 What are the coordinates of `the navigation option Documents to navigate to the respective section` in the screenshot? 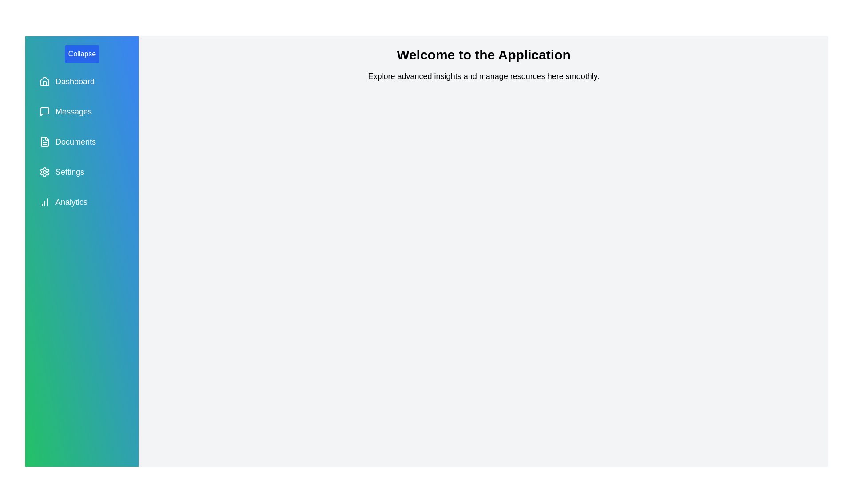 It's located at (82, 141).